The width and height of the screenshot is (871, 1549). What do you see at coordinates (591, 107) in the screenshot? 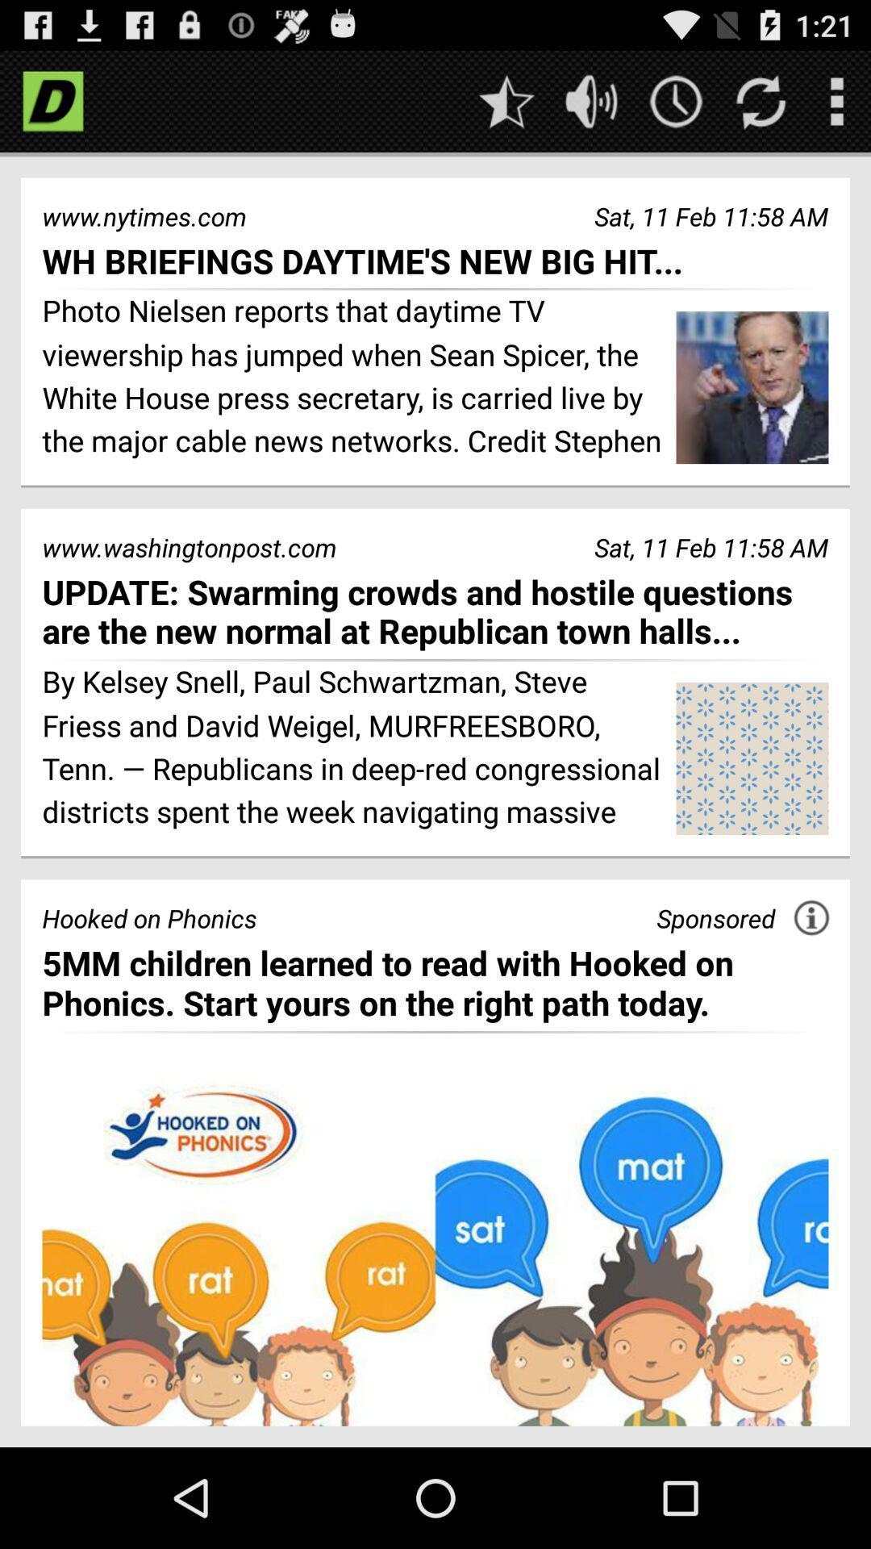
I see `the volume icon` at bounding box center [591, 107].